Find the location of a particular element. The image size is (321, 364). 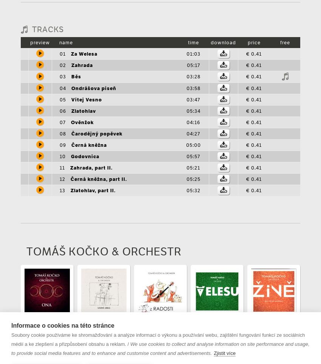

'Černá kněžna' is located at coordinates (89, 145).